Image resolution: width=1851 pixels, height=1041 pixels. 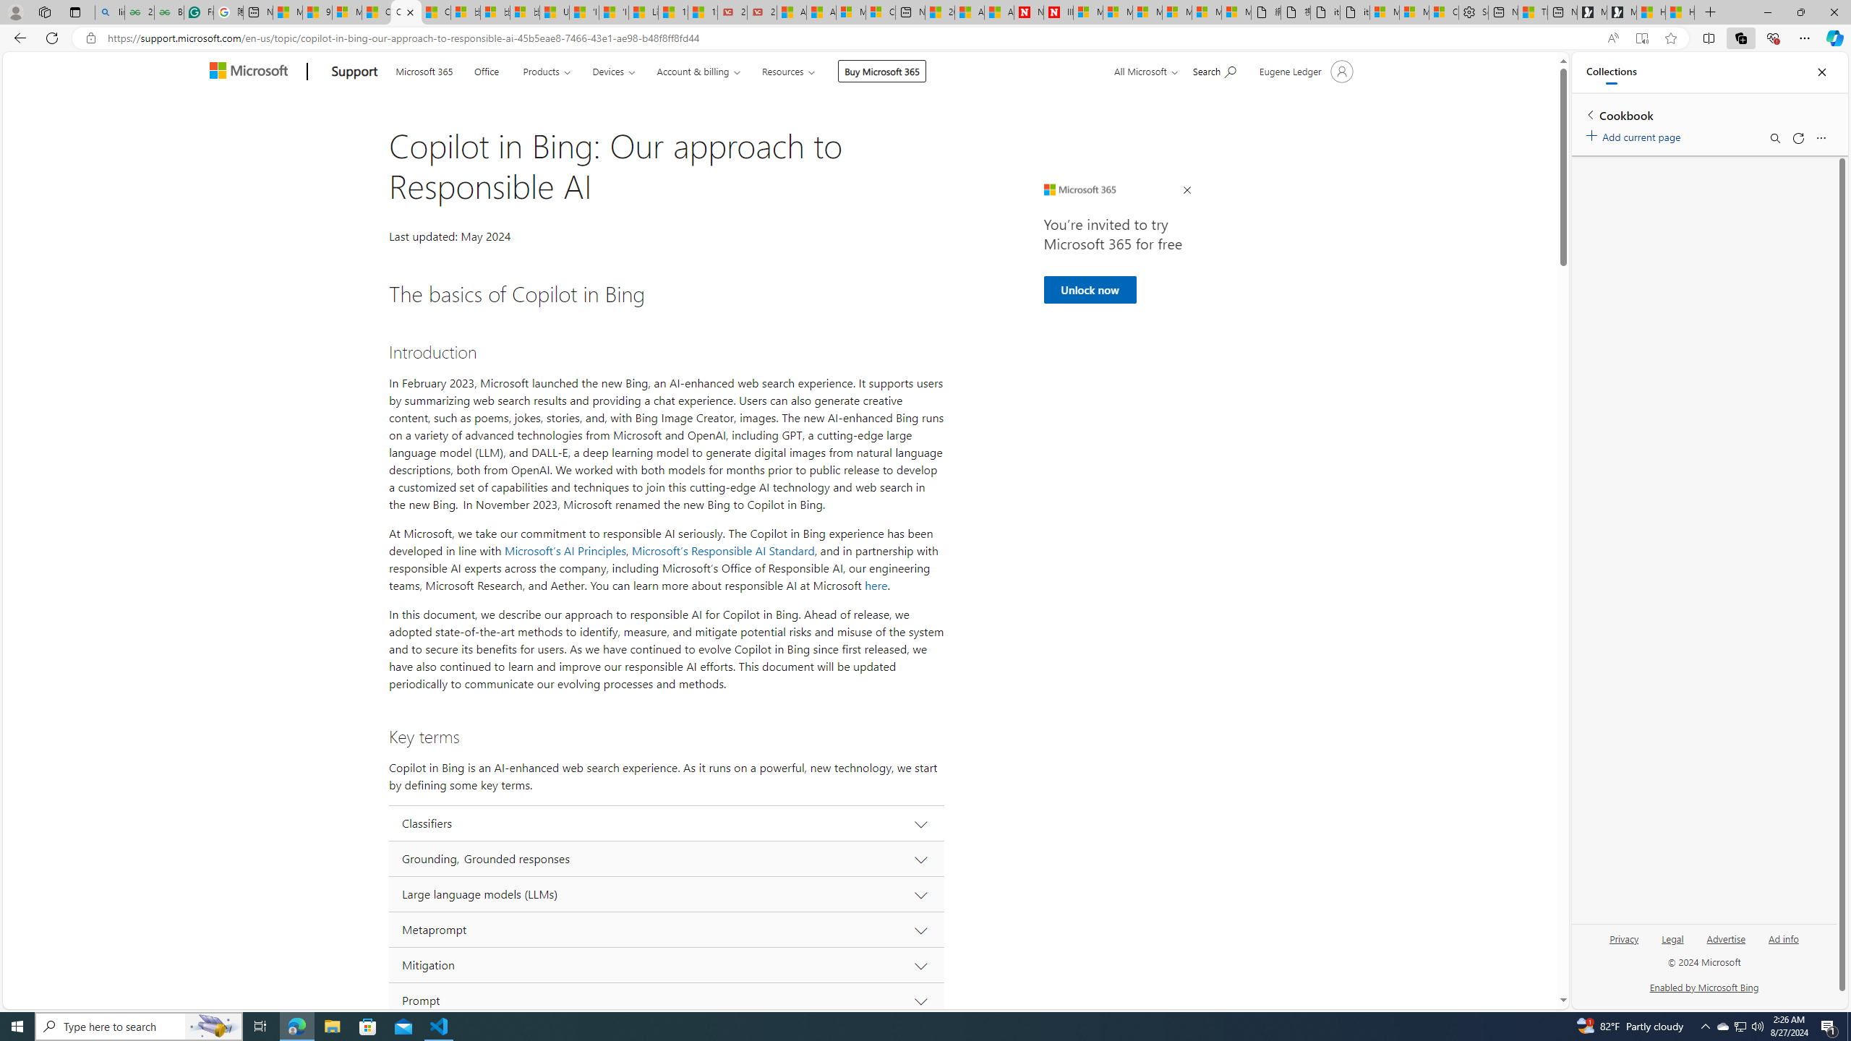 What do you see at coordinates (554, 12) in the screenshot?
I see `'USA TODAY - MSN'` at bounding box center [554, 12].